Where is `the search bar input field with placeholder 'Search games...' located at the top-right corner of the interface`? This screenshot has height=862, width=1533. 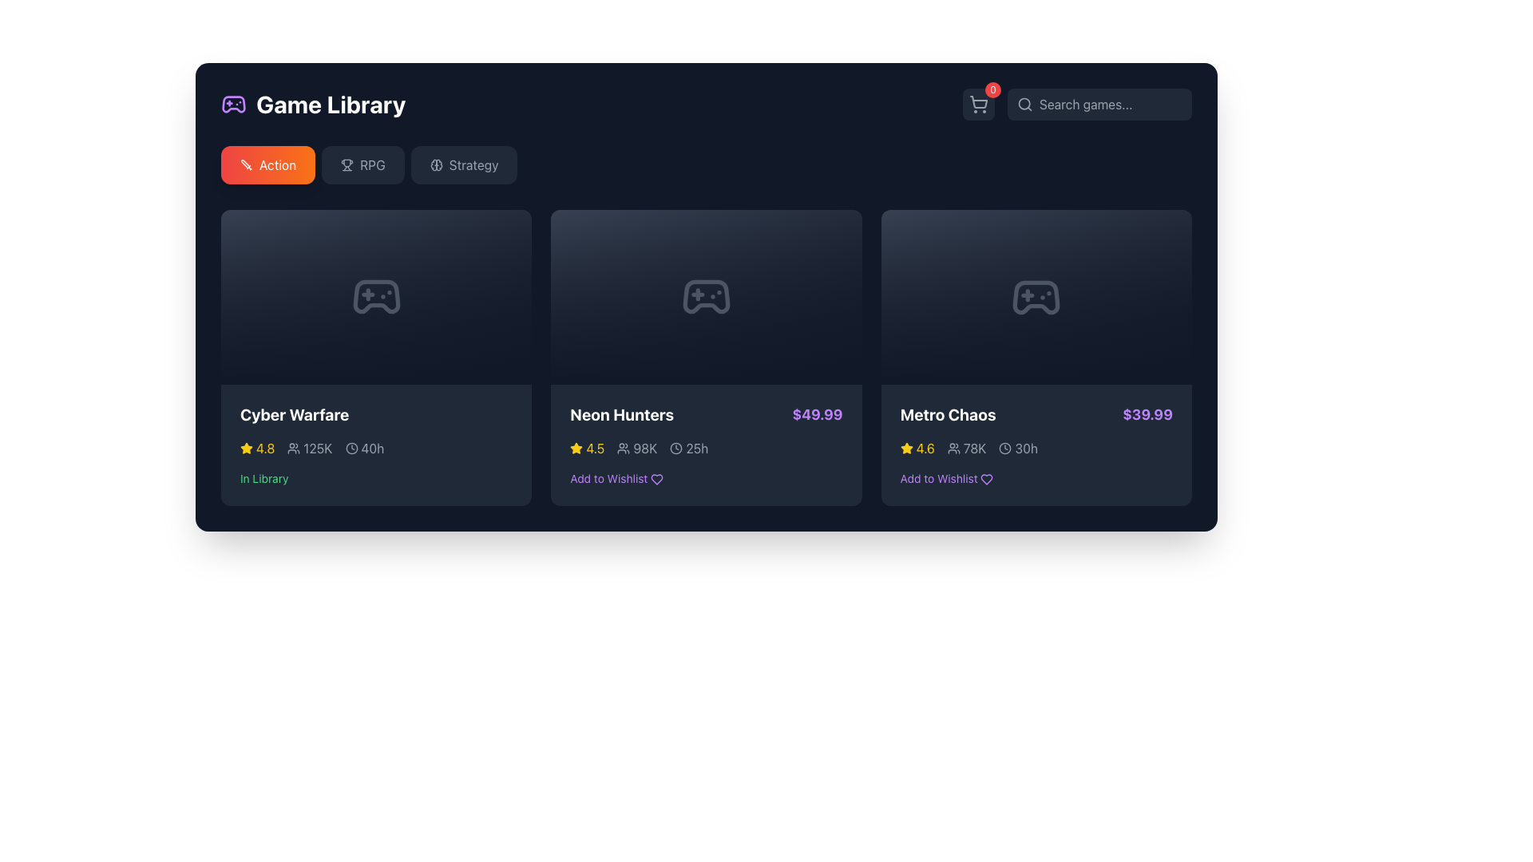 the search bar input field with placeholder 'Search games...' located at the top-right corner of the interface is located at coordinates (1099, 105).